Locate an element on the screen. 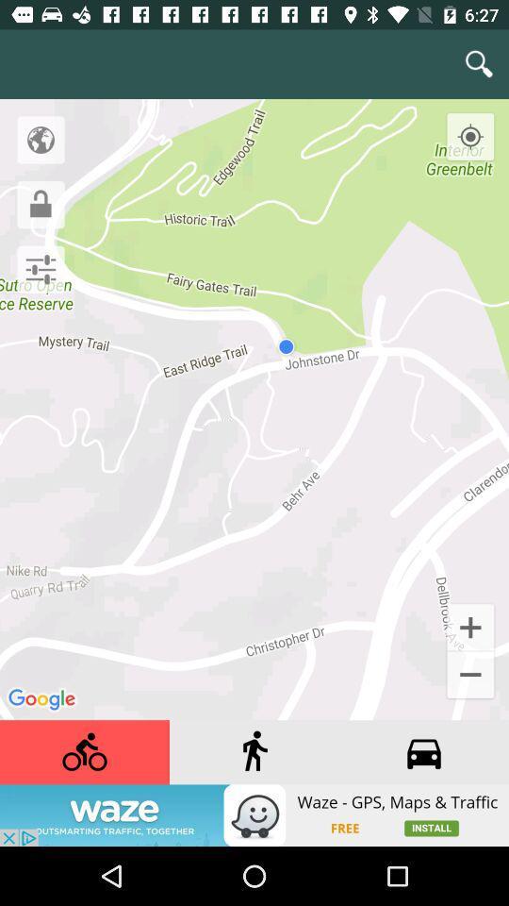 This screenshot has height=906, width=509. google is located at coordinates (43, 685).